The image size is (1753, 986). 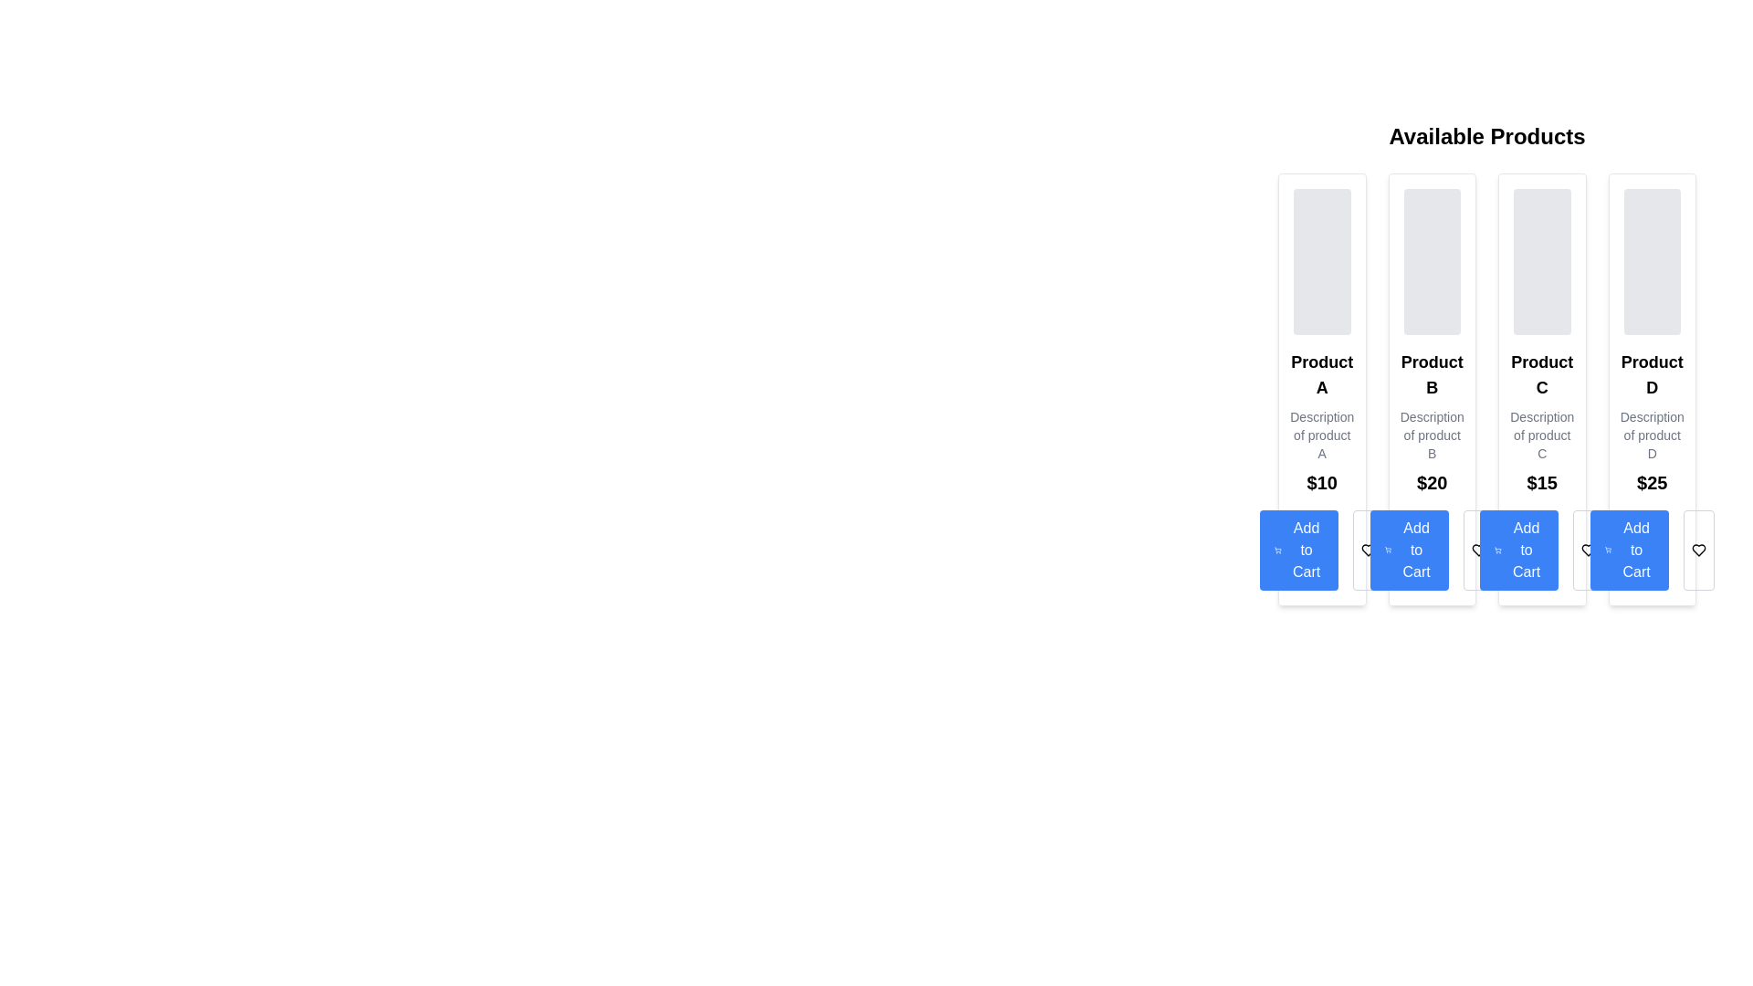 What do you see at coordinates (1431, 481) in the screenshot?
I see `the text label displaying the price '$20', which is styled with a bold font and located within the card labeled 'Product B', directly below the description text and above the 'Add to Cart' button` at bounding box center [1431, 481].